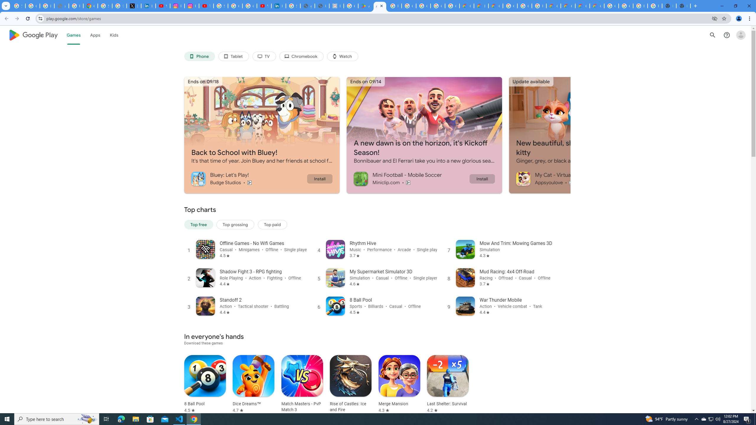 This screenshot has height=425, width=756. Describe the element at coordinates (740, 35) in the screenshot. I see `'Open account menu'` at that location.